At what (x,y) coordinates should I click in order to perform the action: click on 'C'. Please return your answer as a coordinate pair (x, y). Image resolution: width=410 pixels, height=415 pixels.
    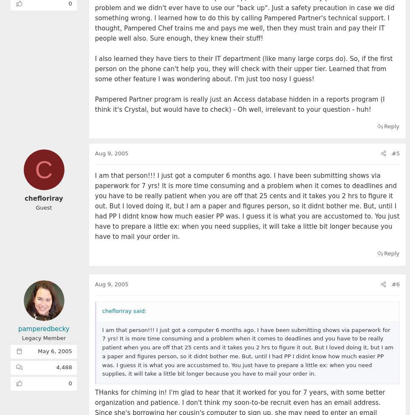
    Looking at the image, I should click on (43, 169).